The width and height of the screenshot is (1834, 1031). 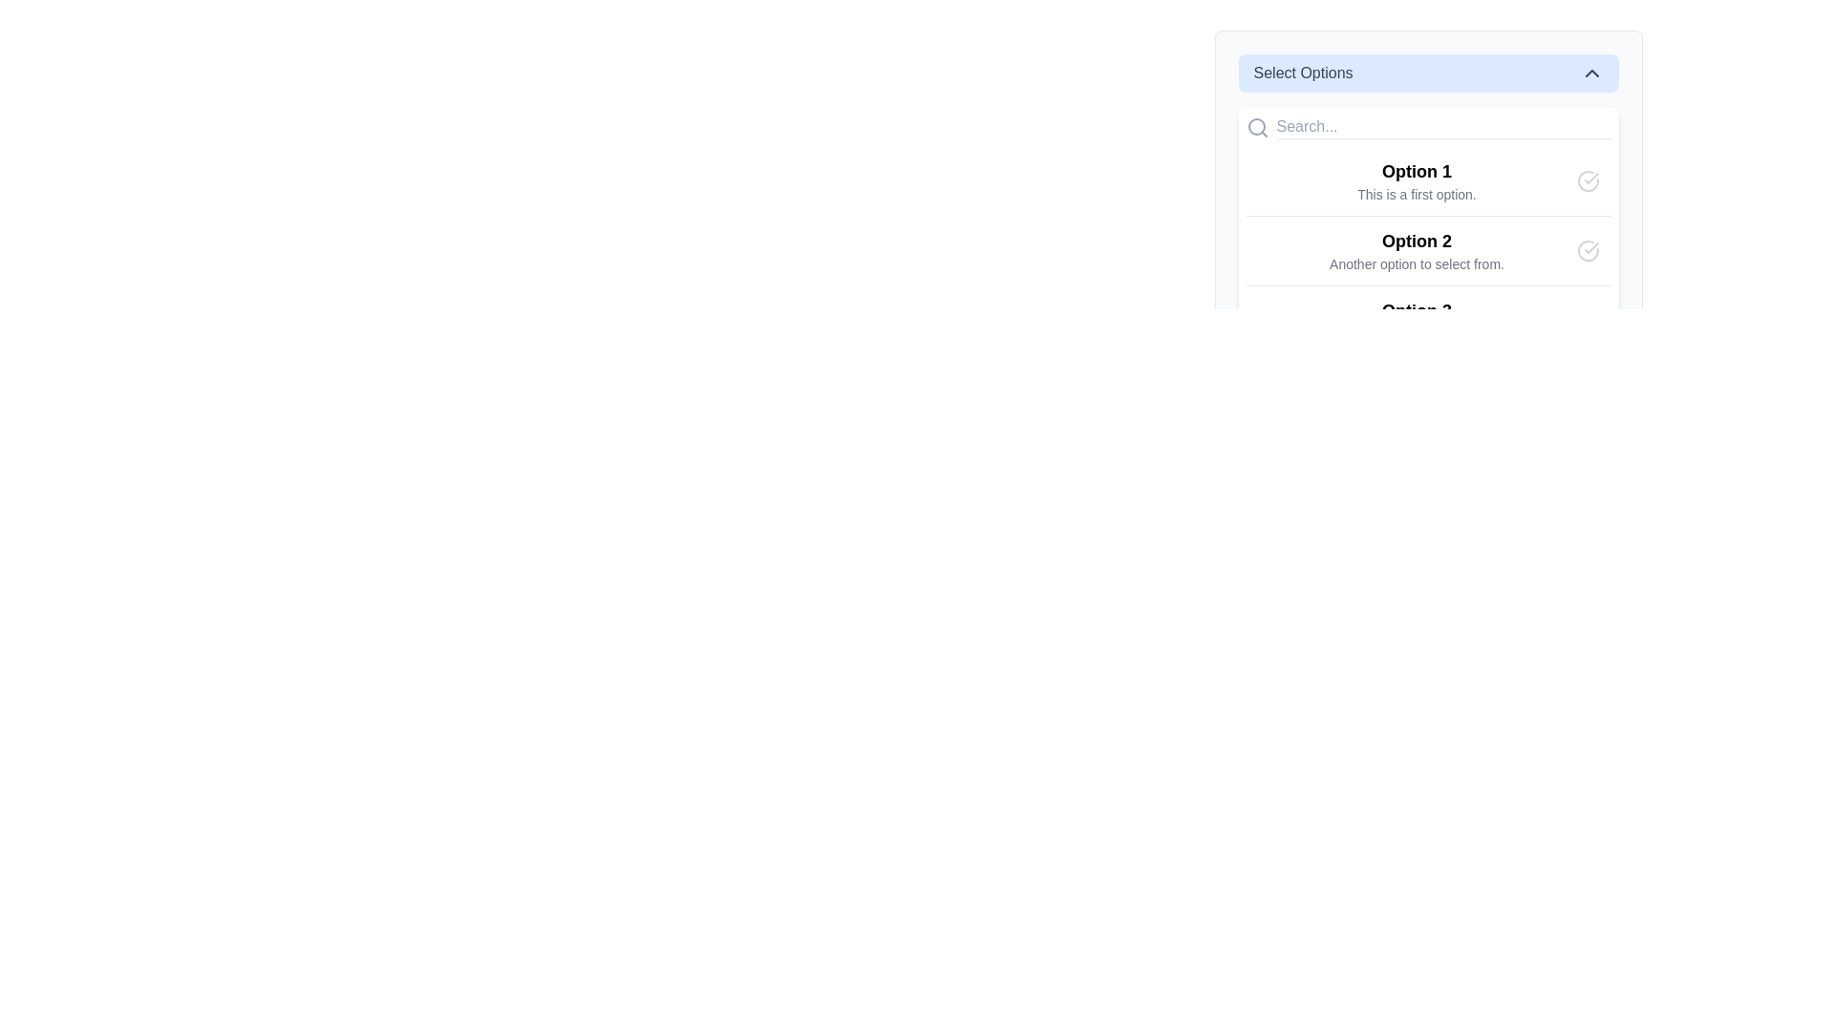 What do you see at coordinates (1591, 73) in the screenshot?
I see `the Chevron icon (indicative toggle) located at the far-right of the 'Select Options' dropdown menu` at bounding box center [1591, 73].